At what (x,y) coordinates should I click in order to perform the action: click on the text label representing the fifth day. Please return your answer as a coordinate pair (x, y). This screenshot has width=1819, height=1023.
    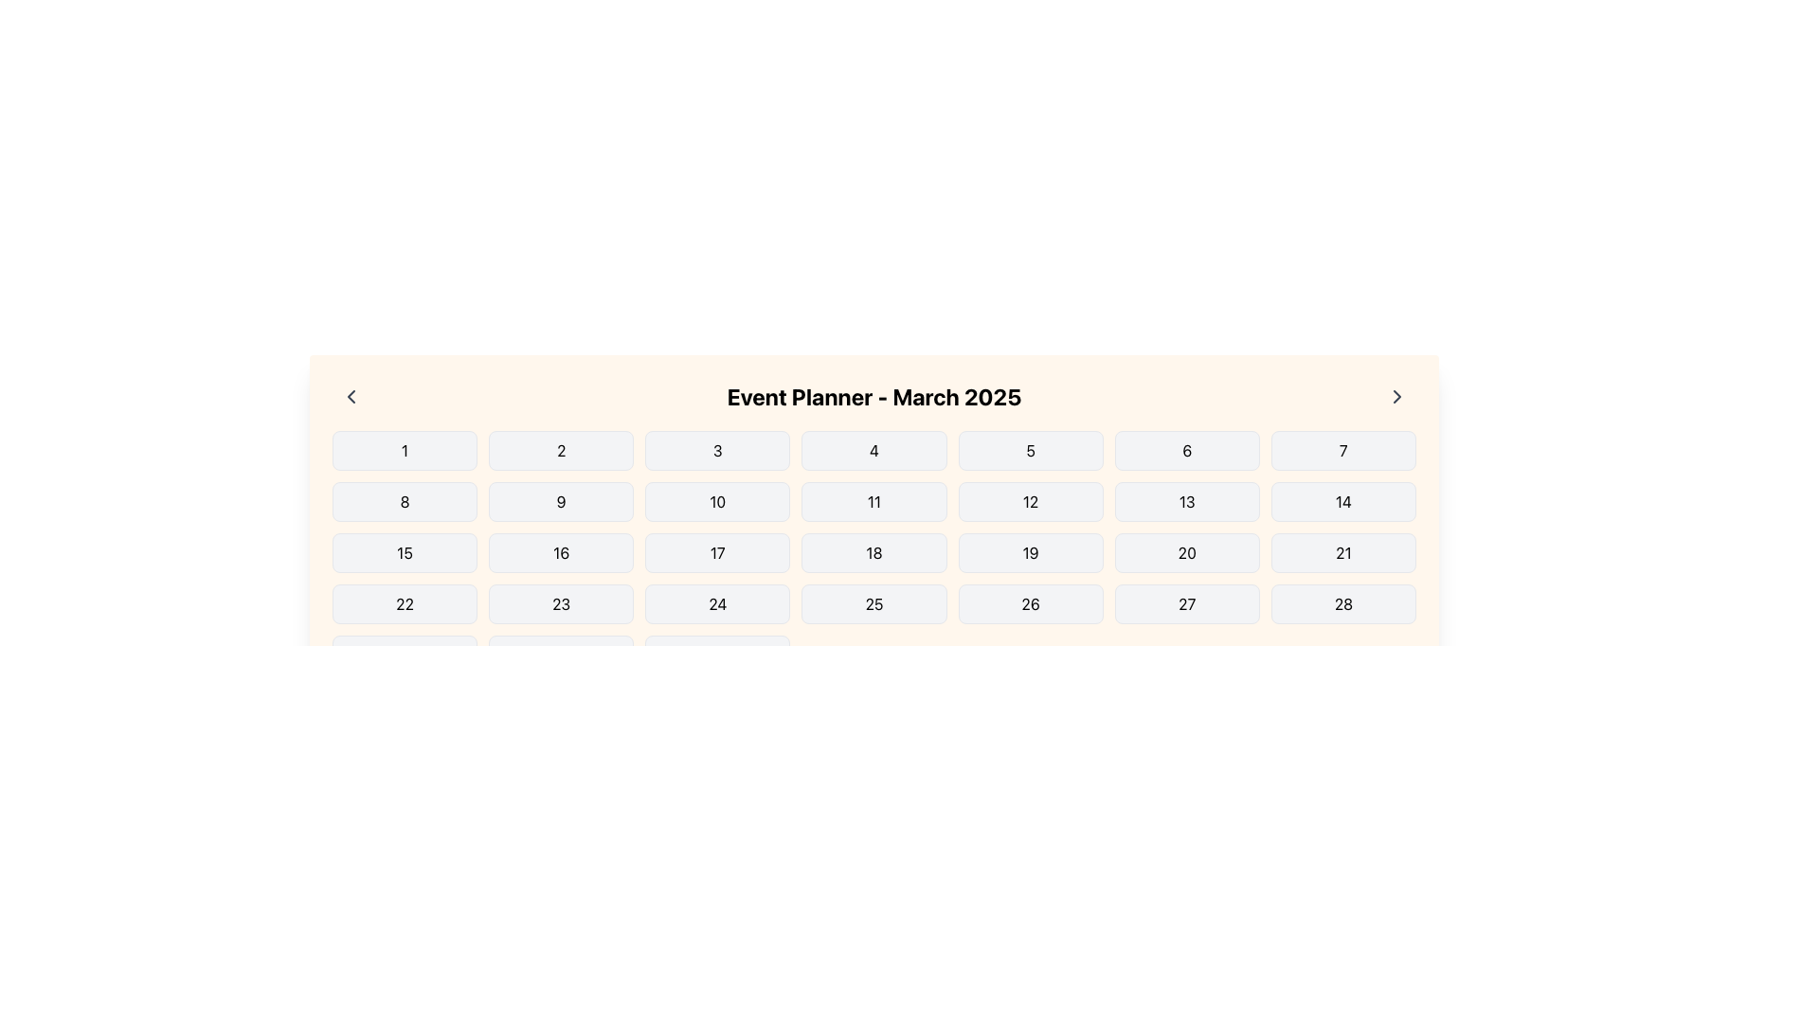
    Looking at the image, I should click on (1030, 450).